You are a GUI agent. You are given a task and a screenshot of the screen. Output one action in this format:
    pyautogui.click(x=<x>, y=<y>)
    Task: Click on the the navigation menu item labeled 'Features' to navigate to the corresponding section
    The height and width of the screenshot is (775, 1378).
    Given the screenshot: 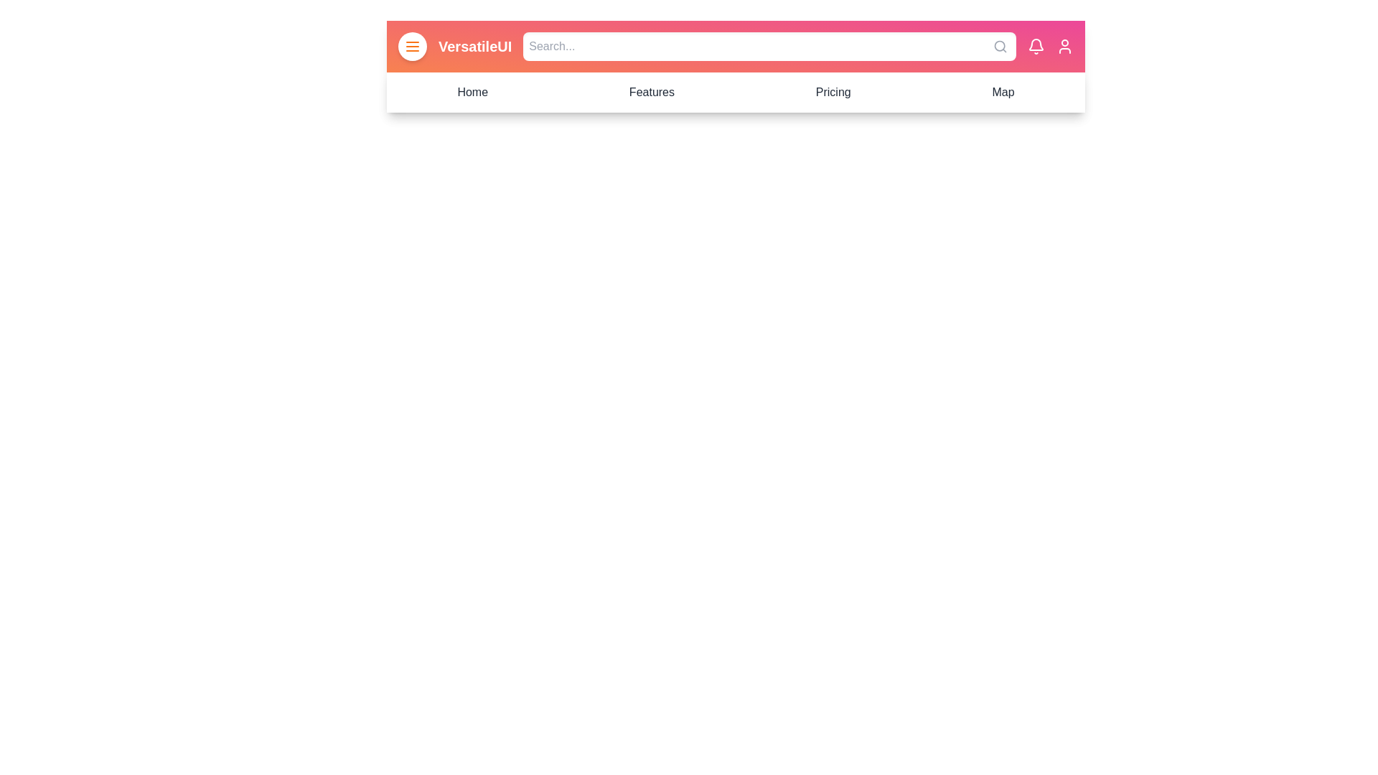 What is the action you would take?
    pyautogui.click(x=651, y=92)
    